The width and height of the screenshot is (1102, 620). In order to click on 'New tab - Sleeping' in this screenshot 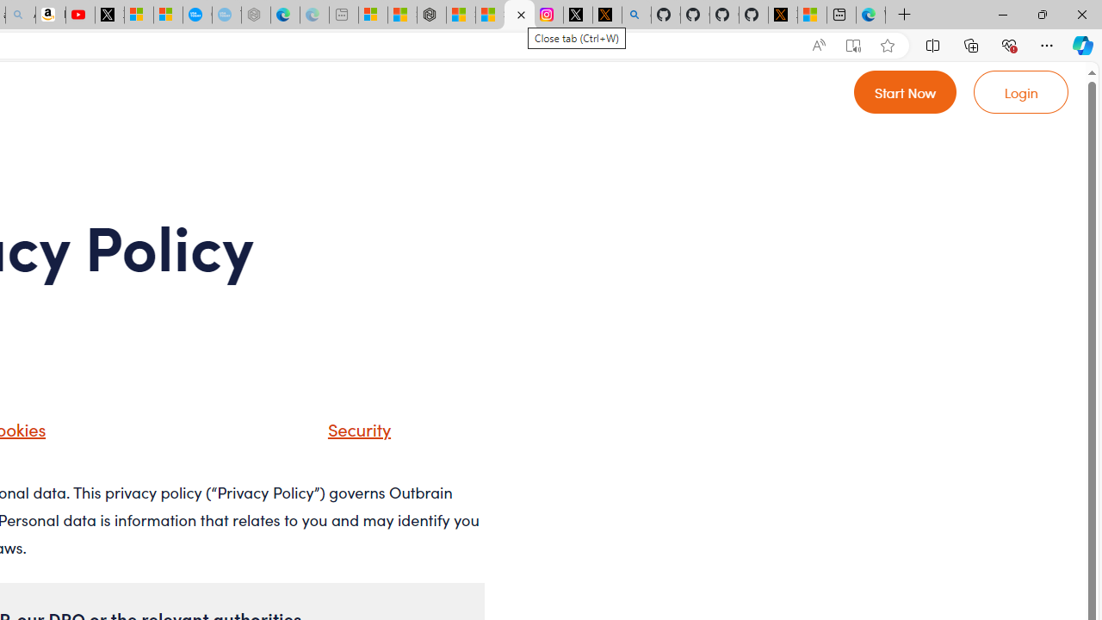, I will do `click(344, 15)`.